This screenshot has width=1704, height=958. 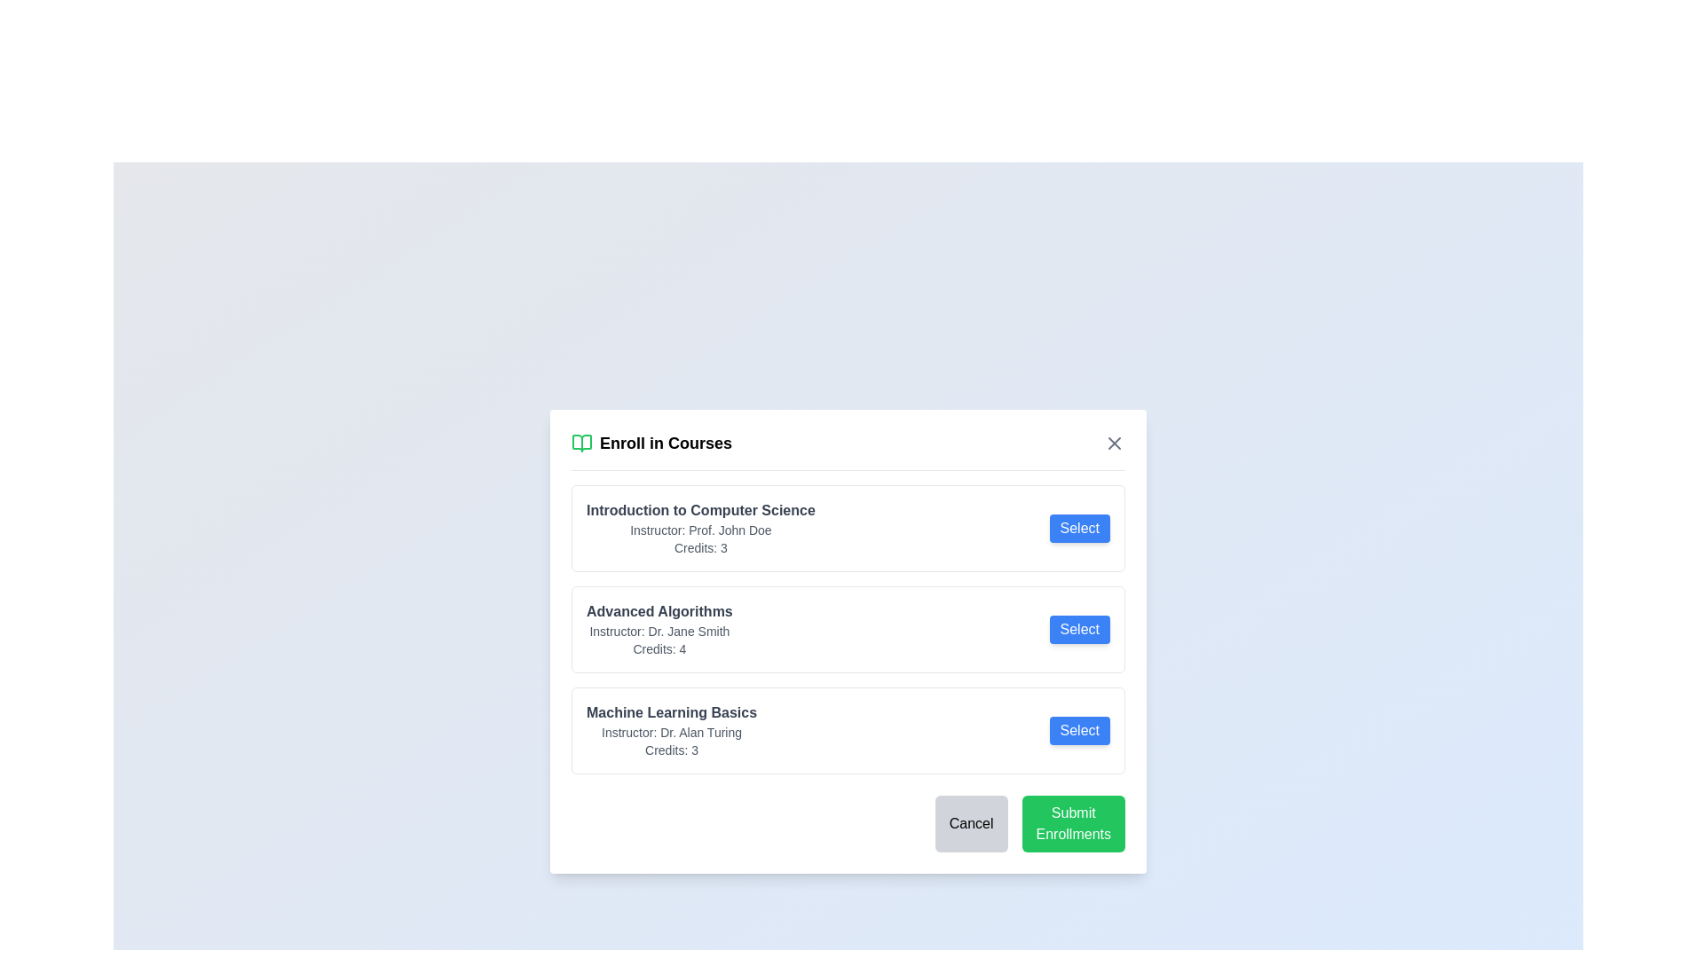 I want to click on the static text displaying the number of credits for the course 'Introduction to Computer Science', located at the bottom of the course card below the instructor's information, so click(x=699, y=546).